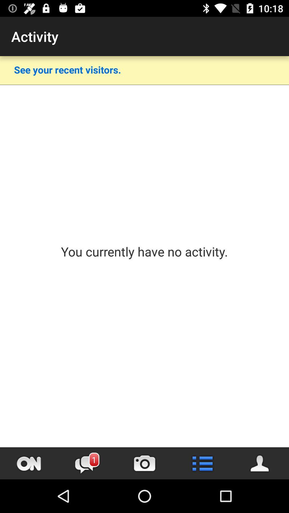 The image size is (289, 513). Describe the element at coordinates (144, 463) in the screenshot. I see `take picture` at that location.